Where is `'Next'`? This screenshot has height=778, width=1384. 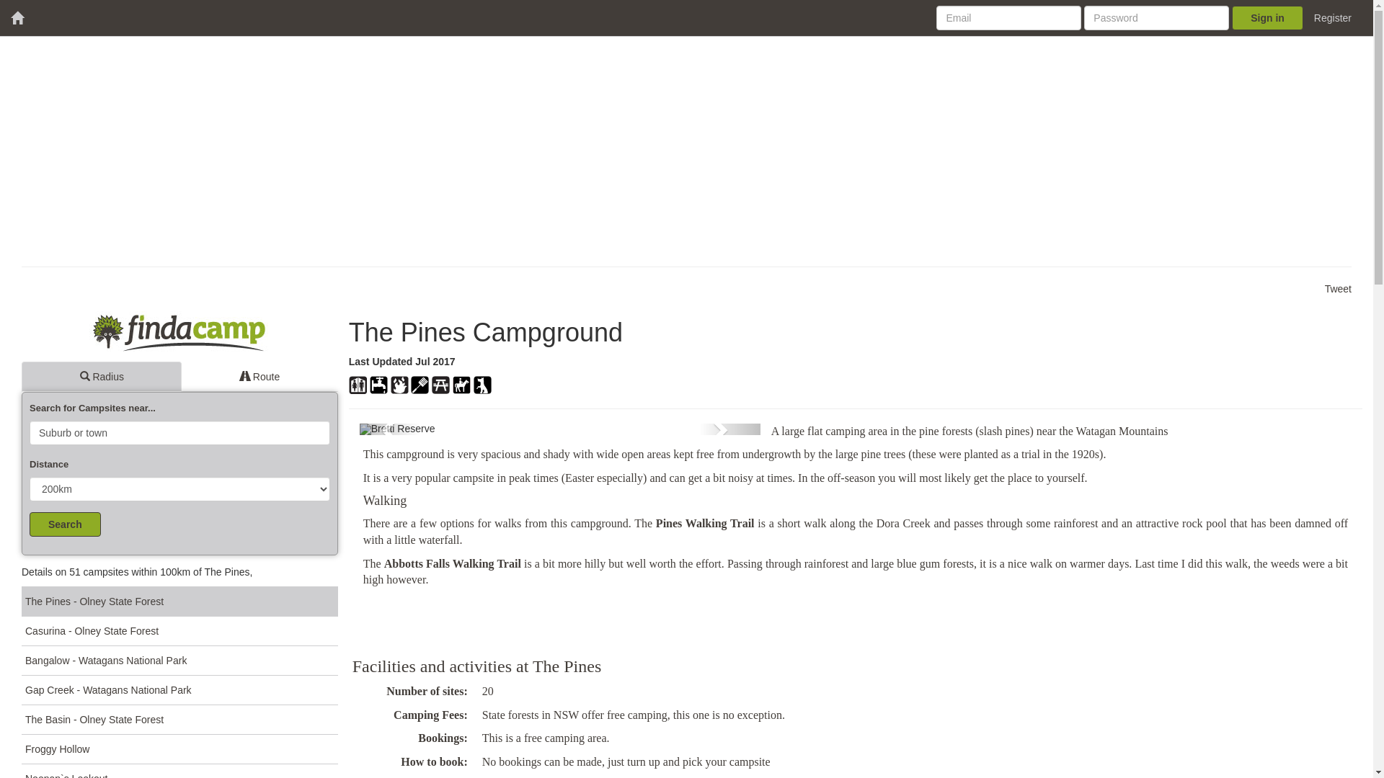
'Next' is located at coordinates (729, 429).